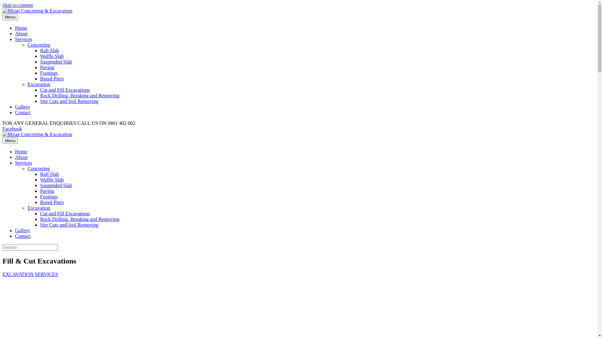 This screenshot has height=338, width=602. What do you see at coordinates (79, 219) in the screenshot?
I see `'Rock Drilling, Breaking and Removing'` at bounding box center [79, 219].